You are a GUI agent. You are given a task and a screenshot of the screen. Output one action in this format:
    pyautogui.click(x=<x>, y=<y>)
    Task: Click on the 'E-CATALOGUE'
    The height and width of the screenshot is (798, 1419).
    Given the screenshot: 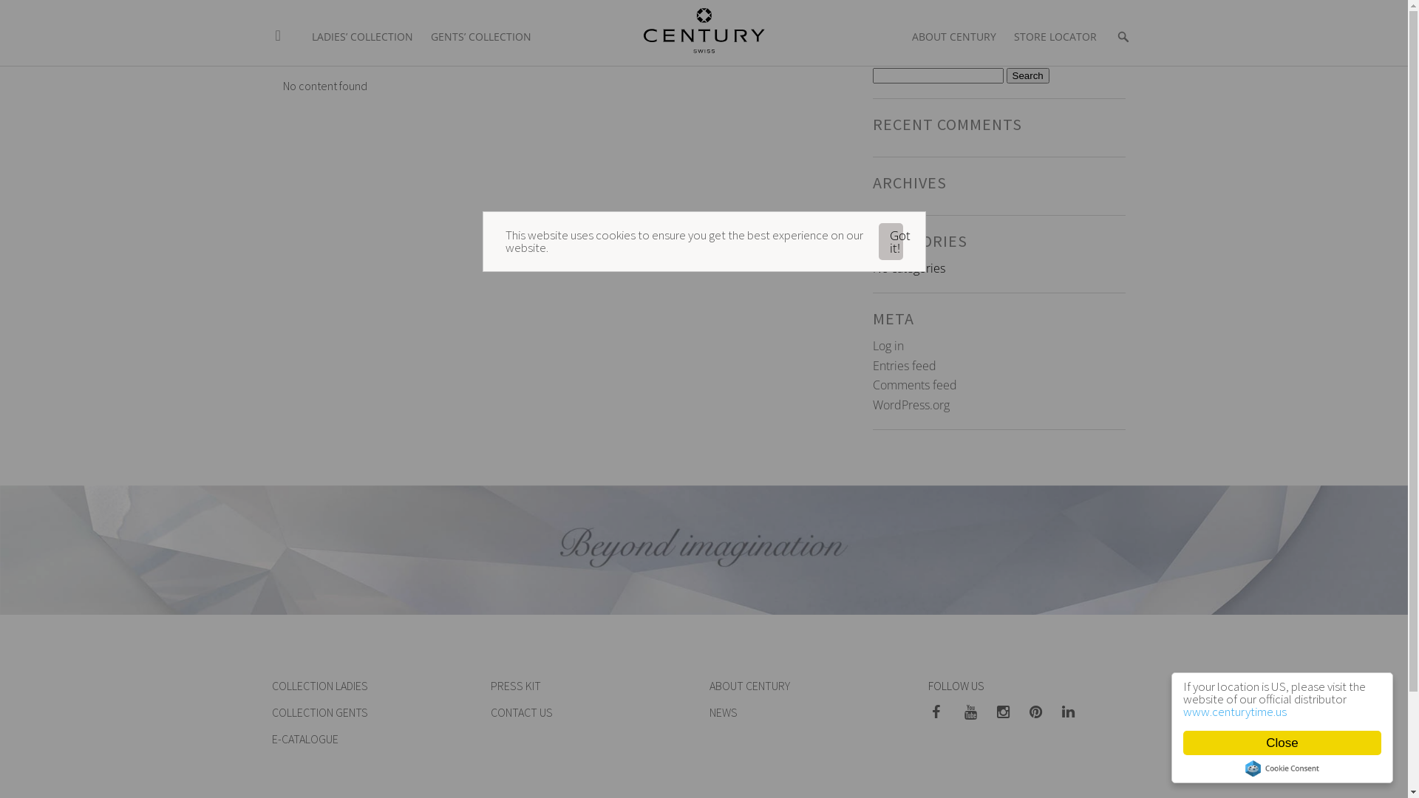 What is the action you would take?
    pyautogui.click(x=304, y=738)
    